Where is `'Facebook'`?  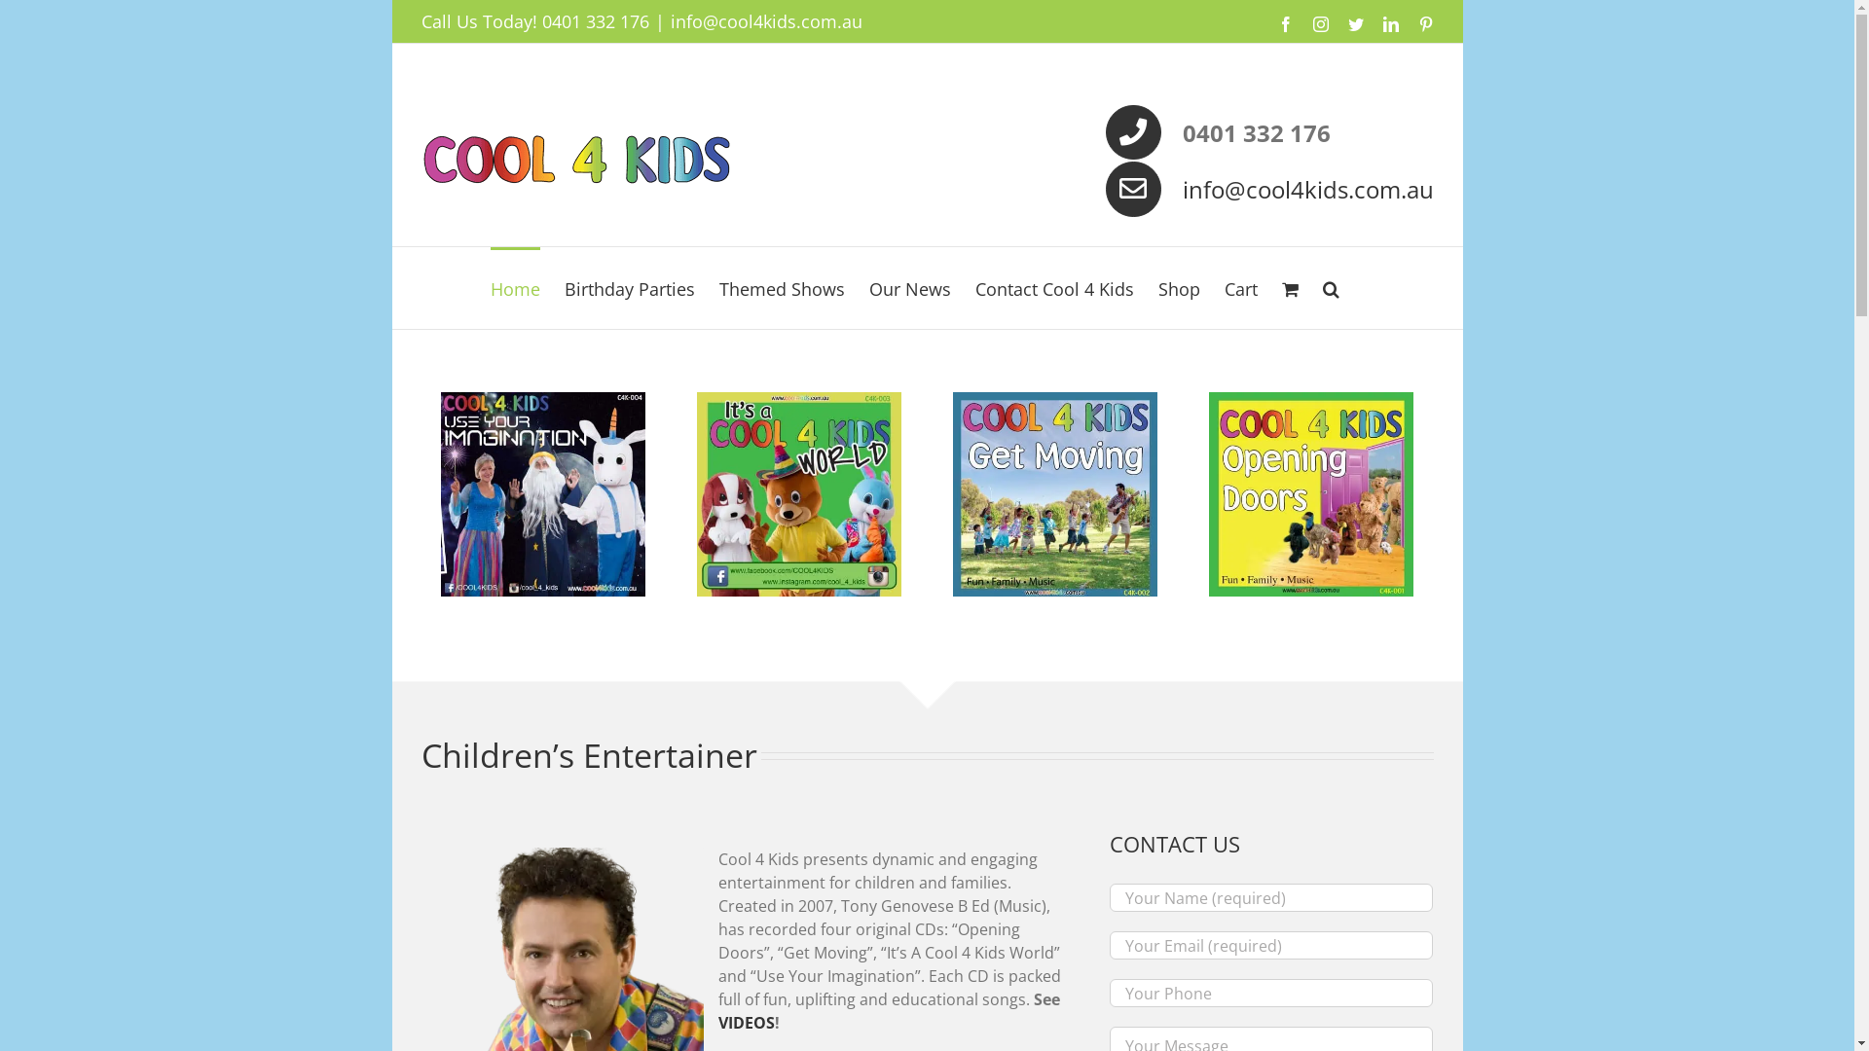
'Facebook' is located at coordinates (1285, 23).